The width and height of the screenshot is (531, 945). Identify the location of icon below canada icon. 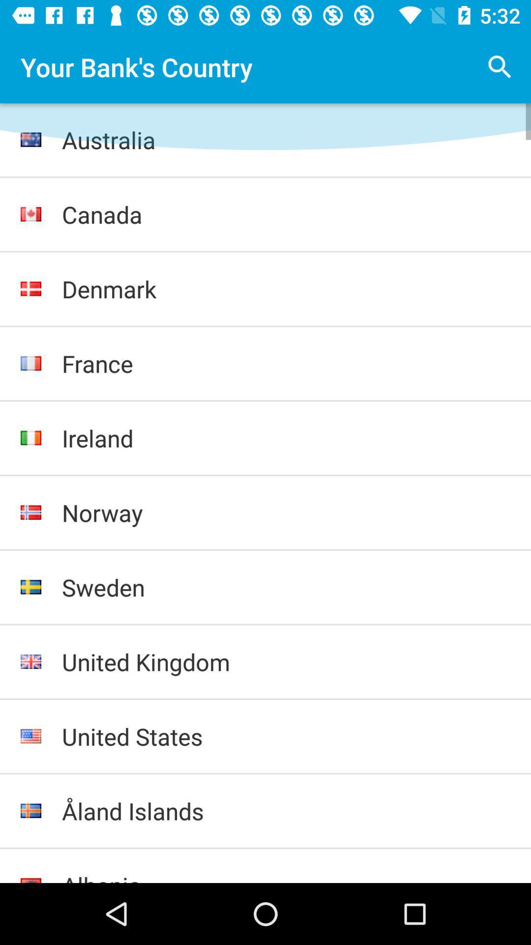
(286, 288).